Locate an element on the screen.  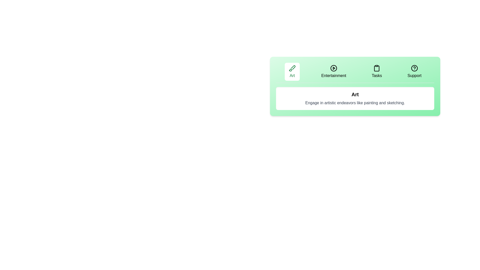
the 'Support' icon located centrally in the 'Support' section of the navigation bar, which visually represents the assistance functionality is located at coordinates (414, 68).